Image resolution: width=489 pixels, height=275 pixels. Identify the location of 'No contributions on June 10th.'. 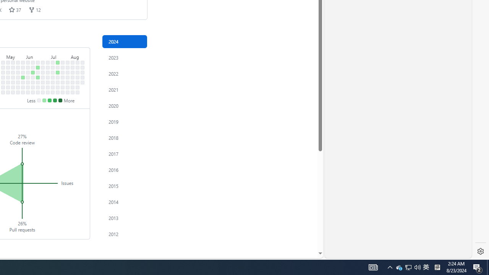
(32, 67).